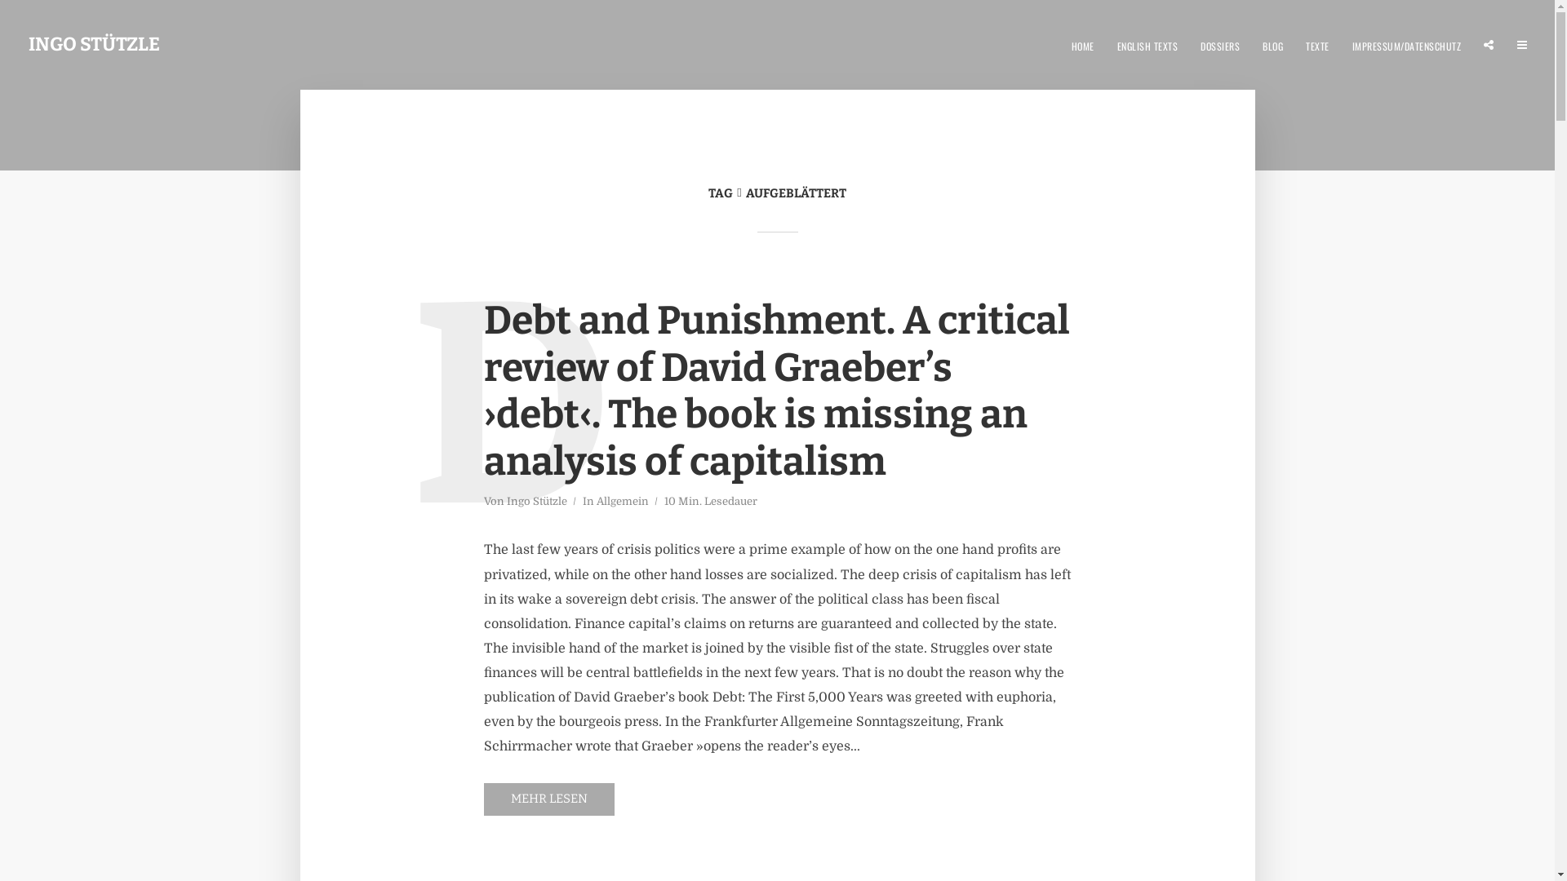 This screenshot has width=1567, height=881. I want to click on 'MEHR LESEN', so click(482, 798).